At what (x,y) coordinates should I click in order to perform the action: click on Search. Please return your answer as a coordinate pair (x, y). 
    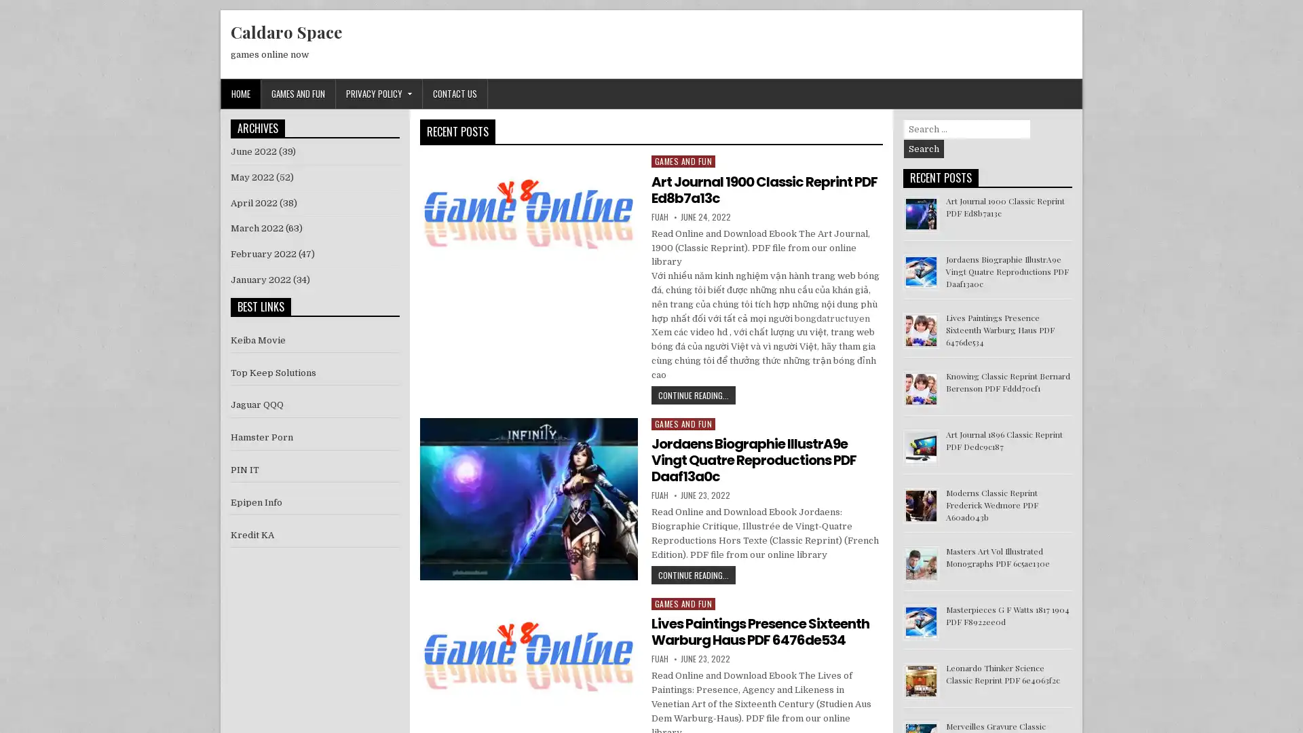
    Looking at the image, I should click on (923, 149).